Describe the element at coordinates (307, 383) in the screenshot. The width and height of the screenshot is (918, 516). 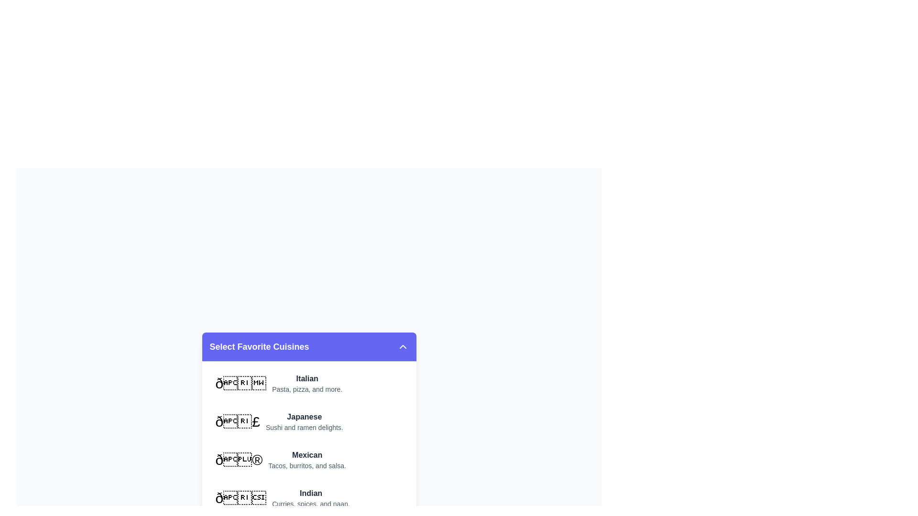
I see `the text label displaying 'Italian' which is the second element in the list under the header 'Select Favorite Cuisines'` at that location.